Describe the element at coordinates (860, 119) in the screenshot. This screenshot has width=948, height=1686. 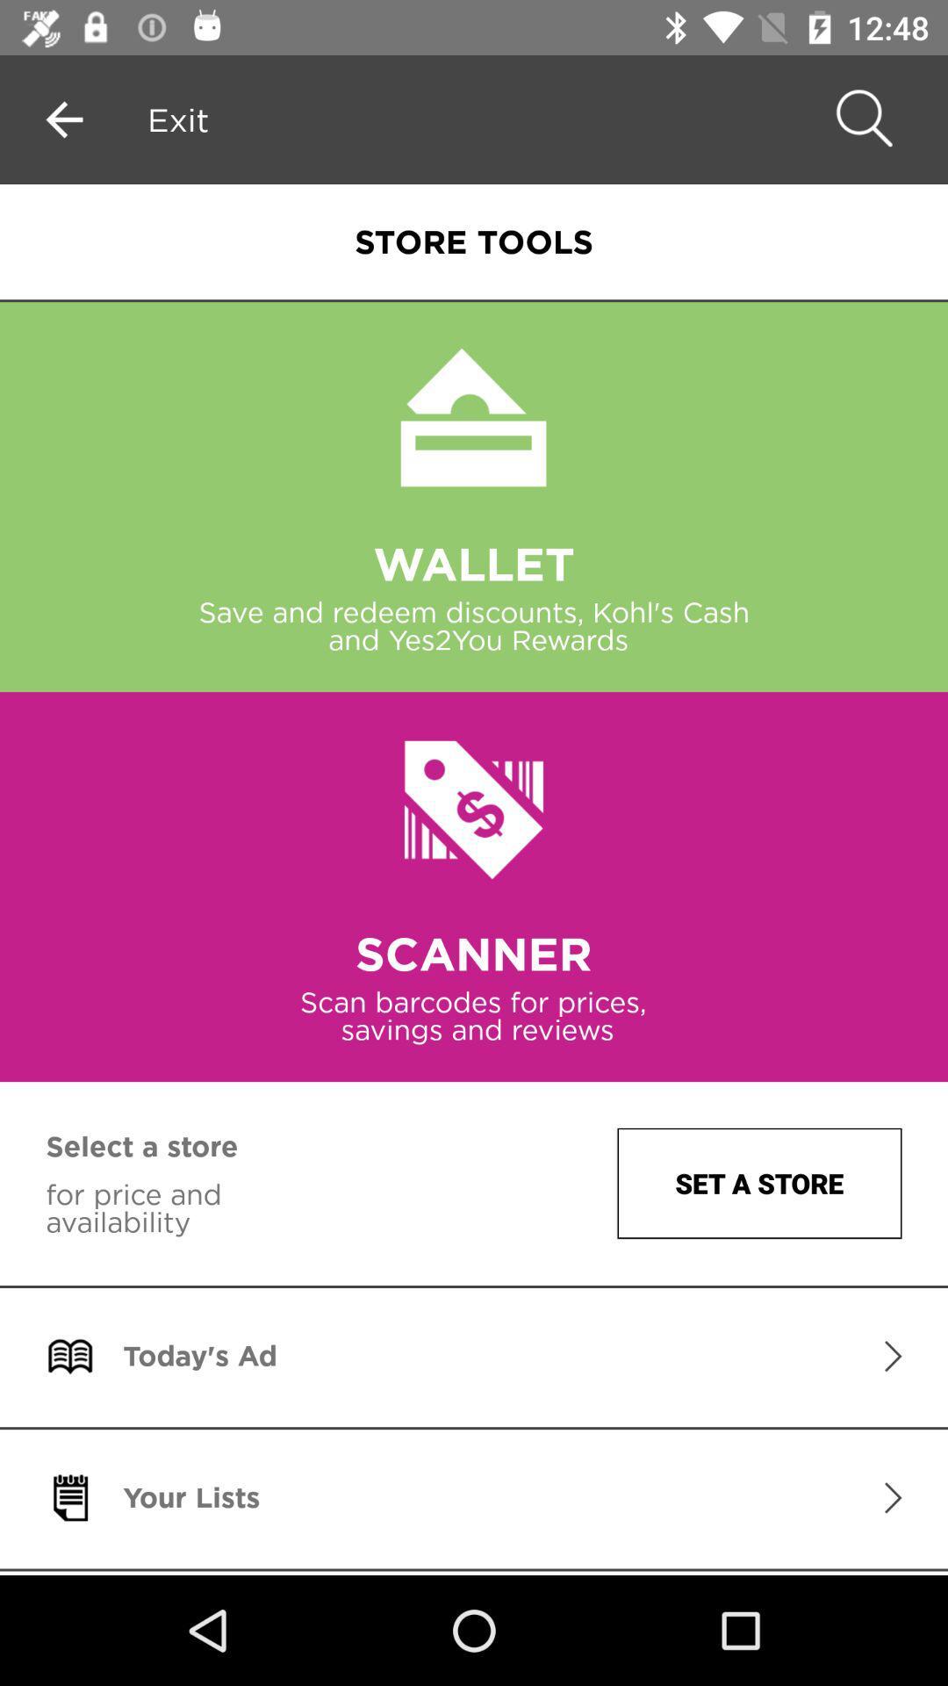
I see `search for items` at that location.